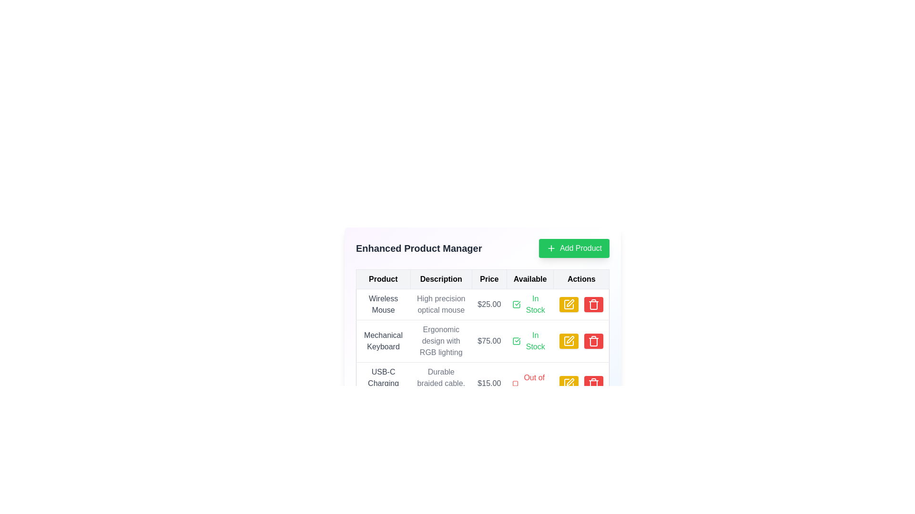 This screenshot has height=514, width=915. What do you see at coordinates (569, 383) in the screenshot?
I see `the edit icon, which is a drawn segment of a square located in the 'Actions' column of the last row in the products table, to initiate editing` at bounding box center [569, 383].